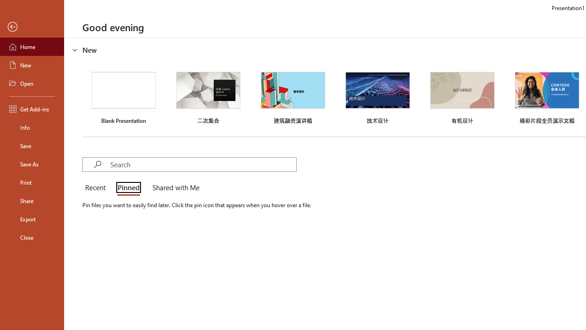 This screenshot has width=586, height=330. What do you see at coordinates (32, 27) in the screenshot?
I see `'Back'` at bounding box center [32, 27].